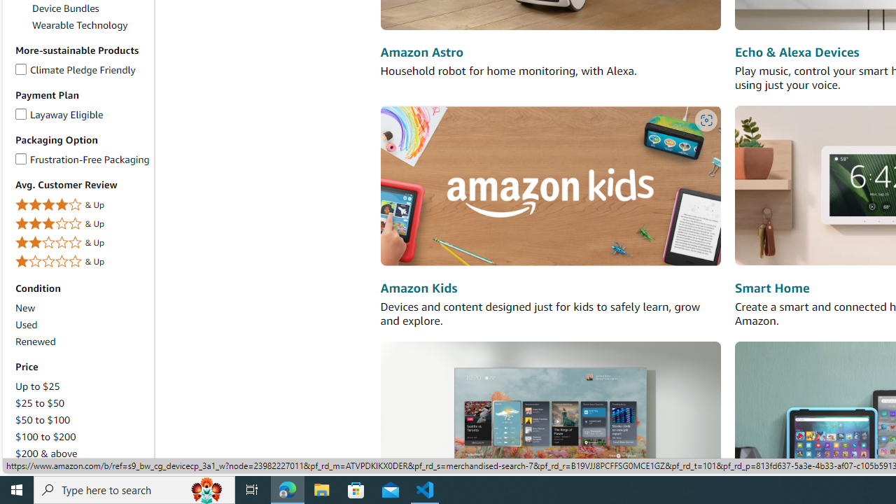  What do you see at coordinates (26, 325) in the screenshot?
I see `'Used'` at bounding box center [26, 325].